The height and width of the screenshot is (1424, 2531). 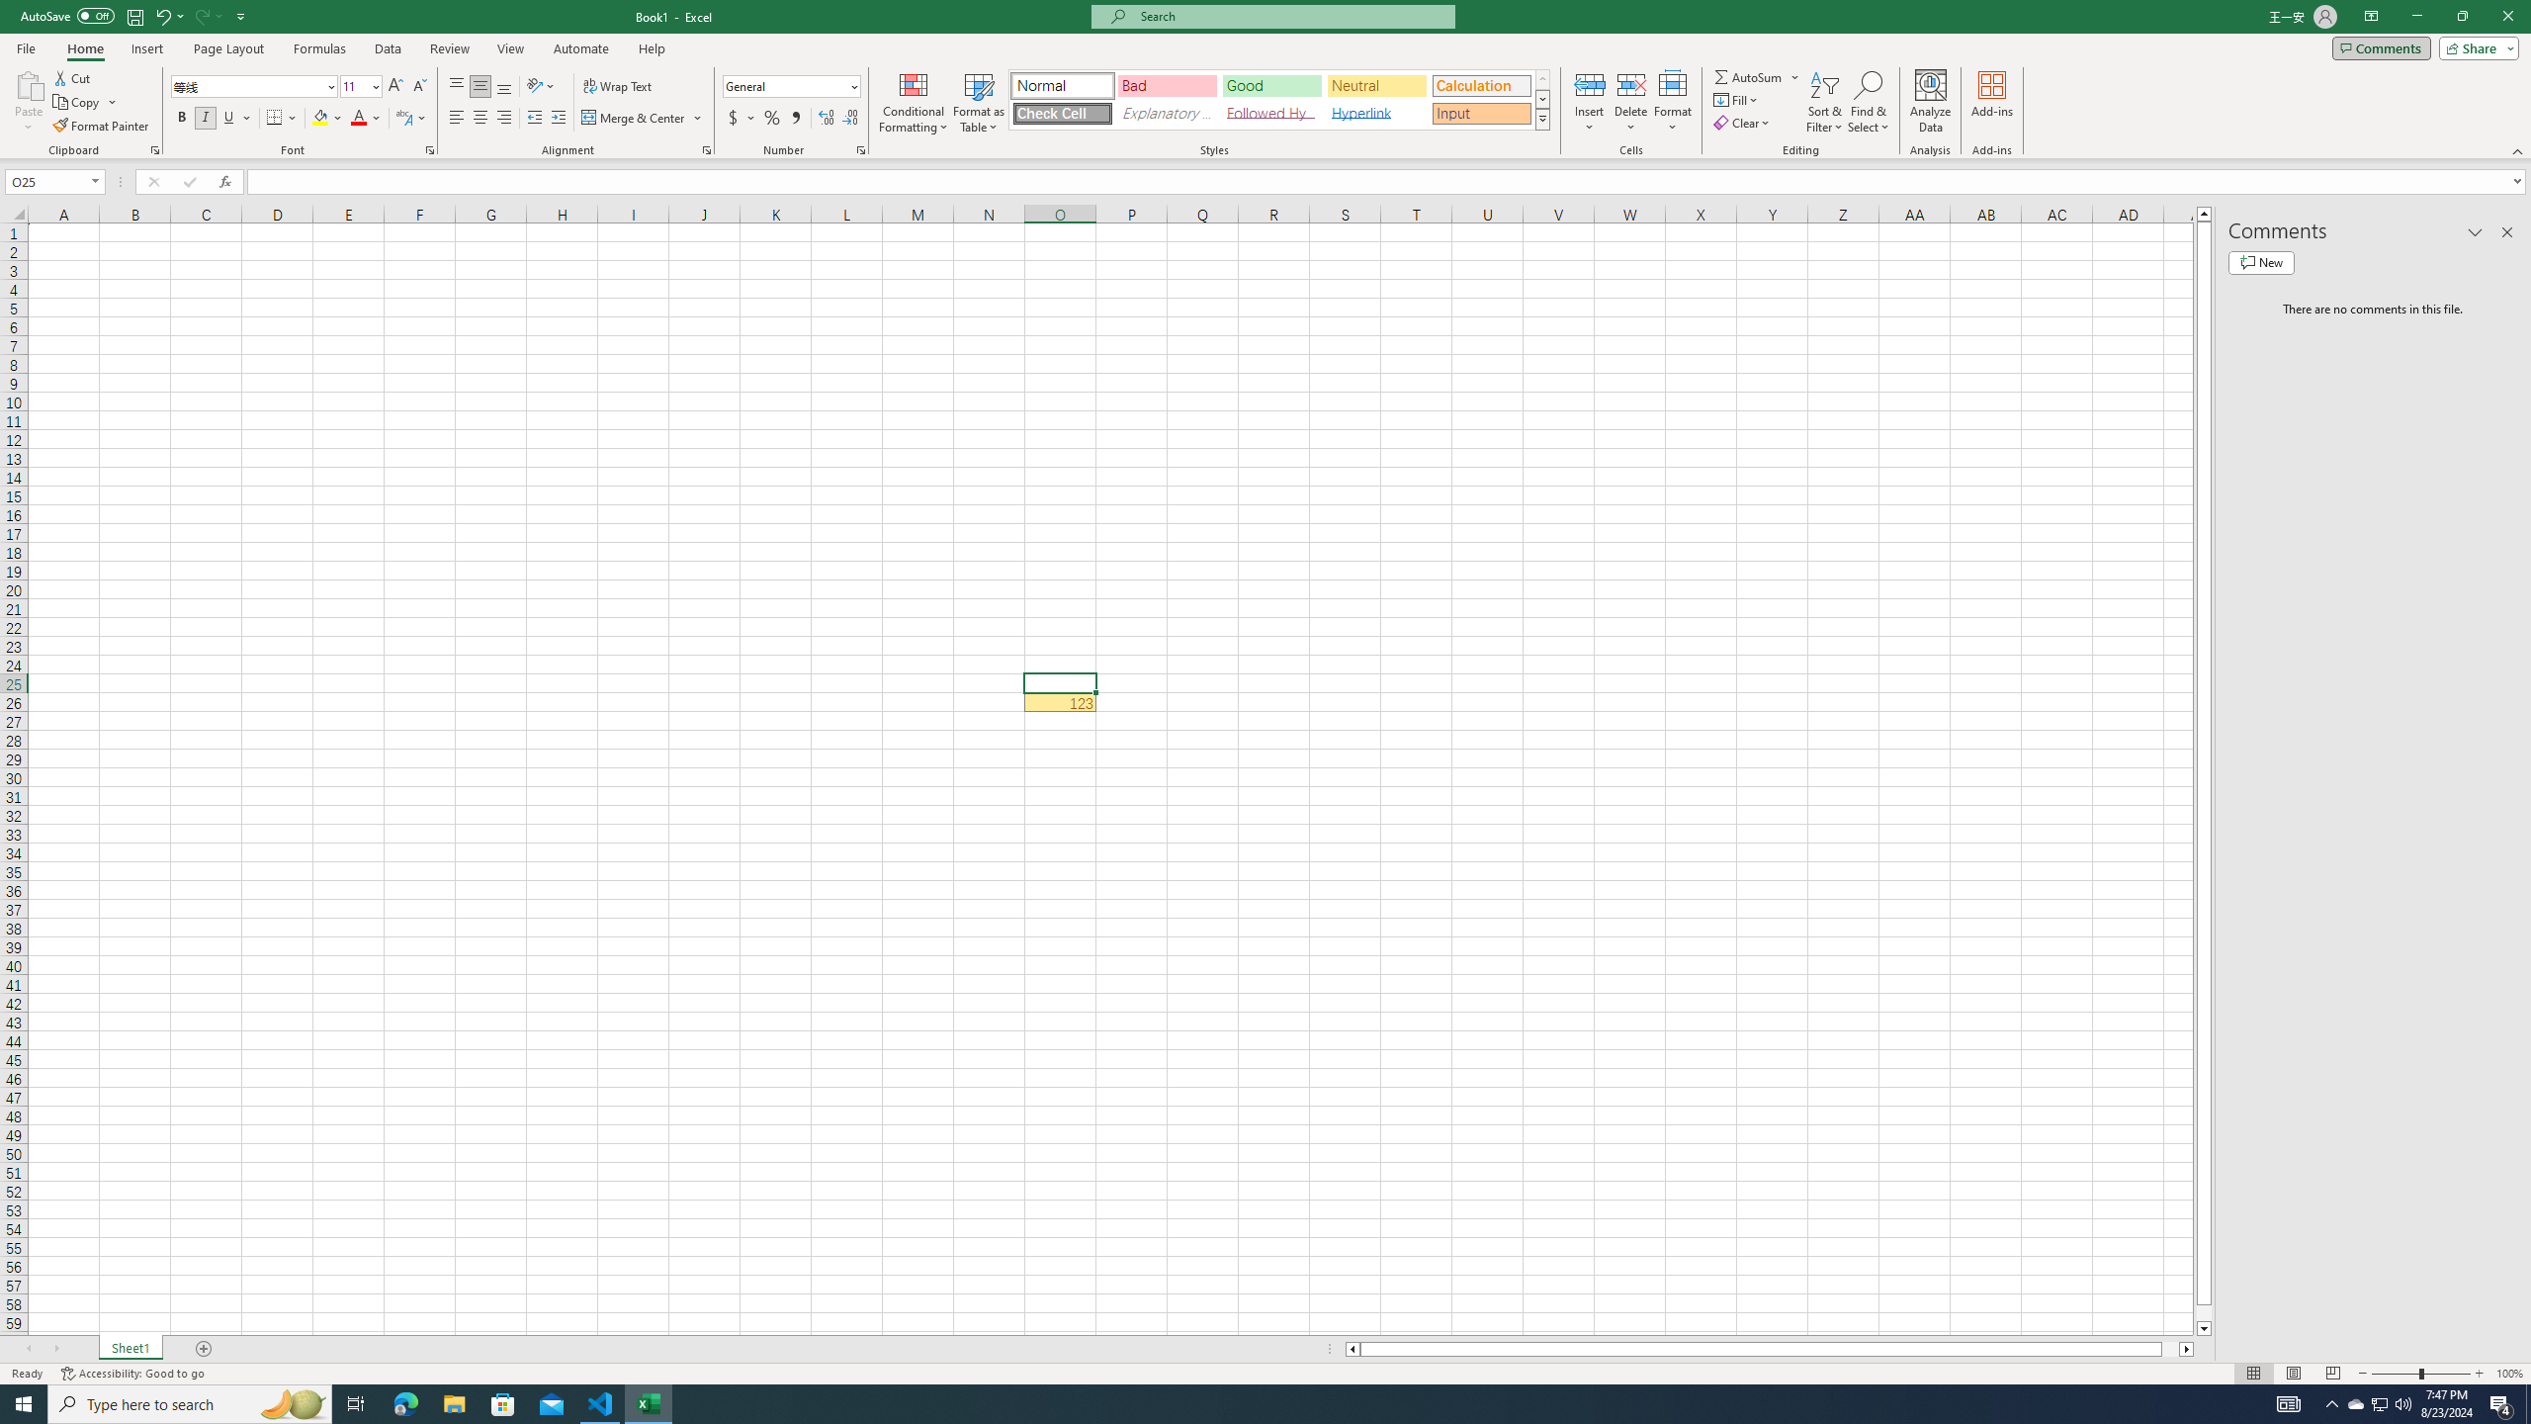 What do you see at coordinates (282, 117) in the screenshot?
I see `'Borders'` at bounding box center [282, 117].